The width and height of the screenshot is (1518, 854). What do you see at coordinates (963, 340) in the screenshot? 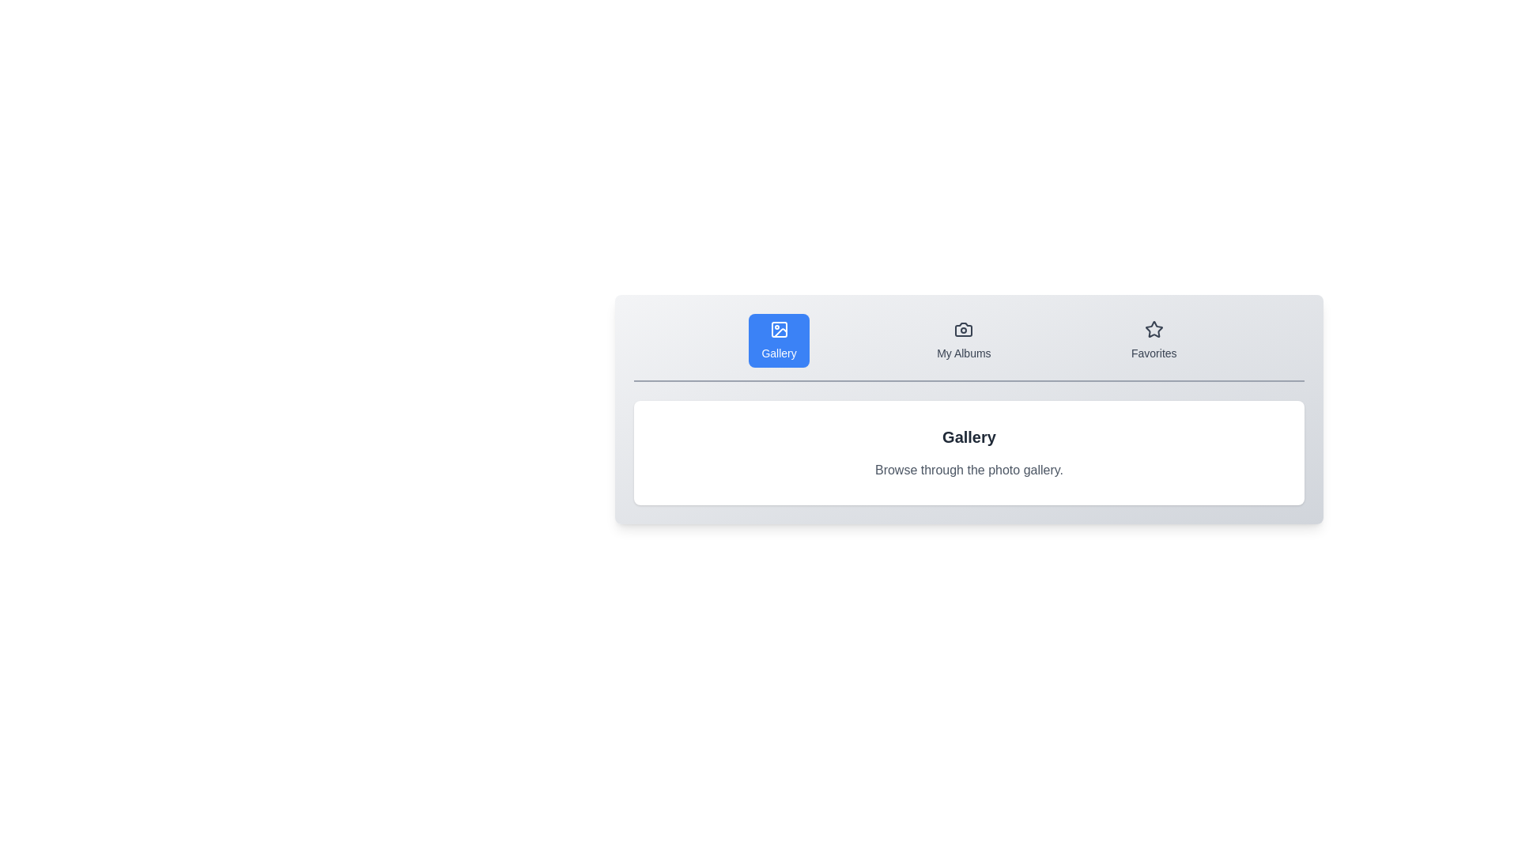
I see `the tab labeled 'My Albums' to observe its icon and title` at bounding box center [963, 340].